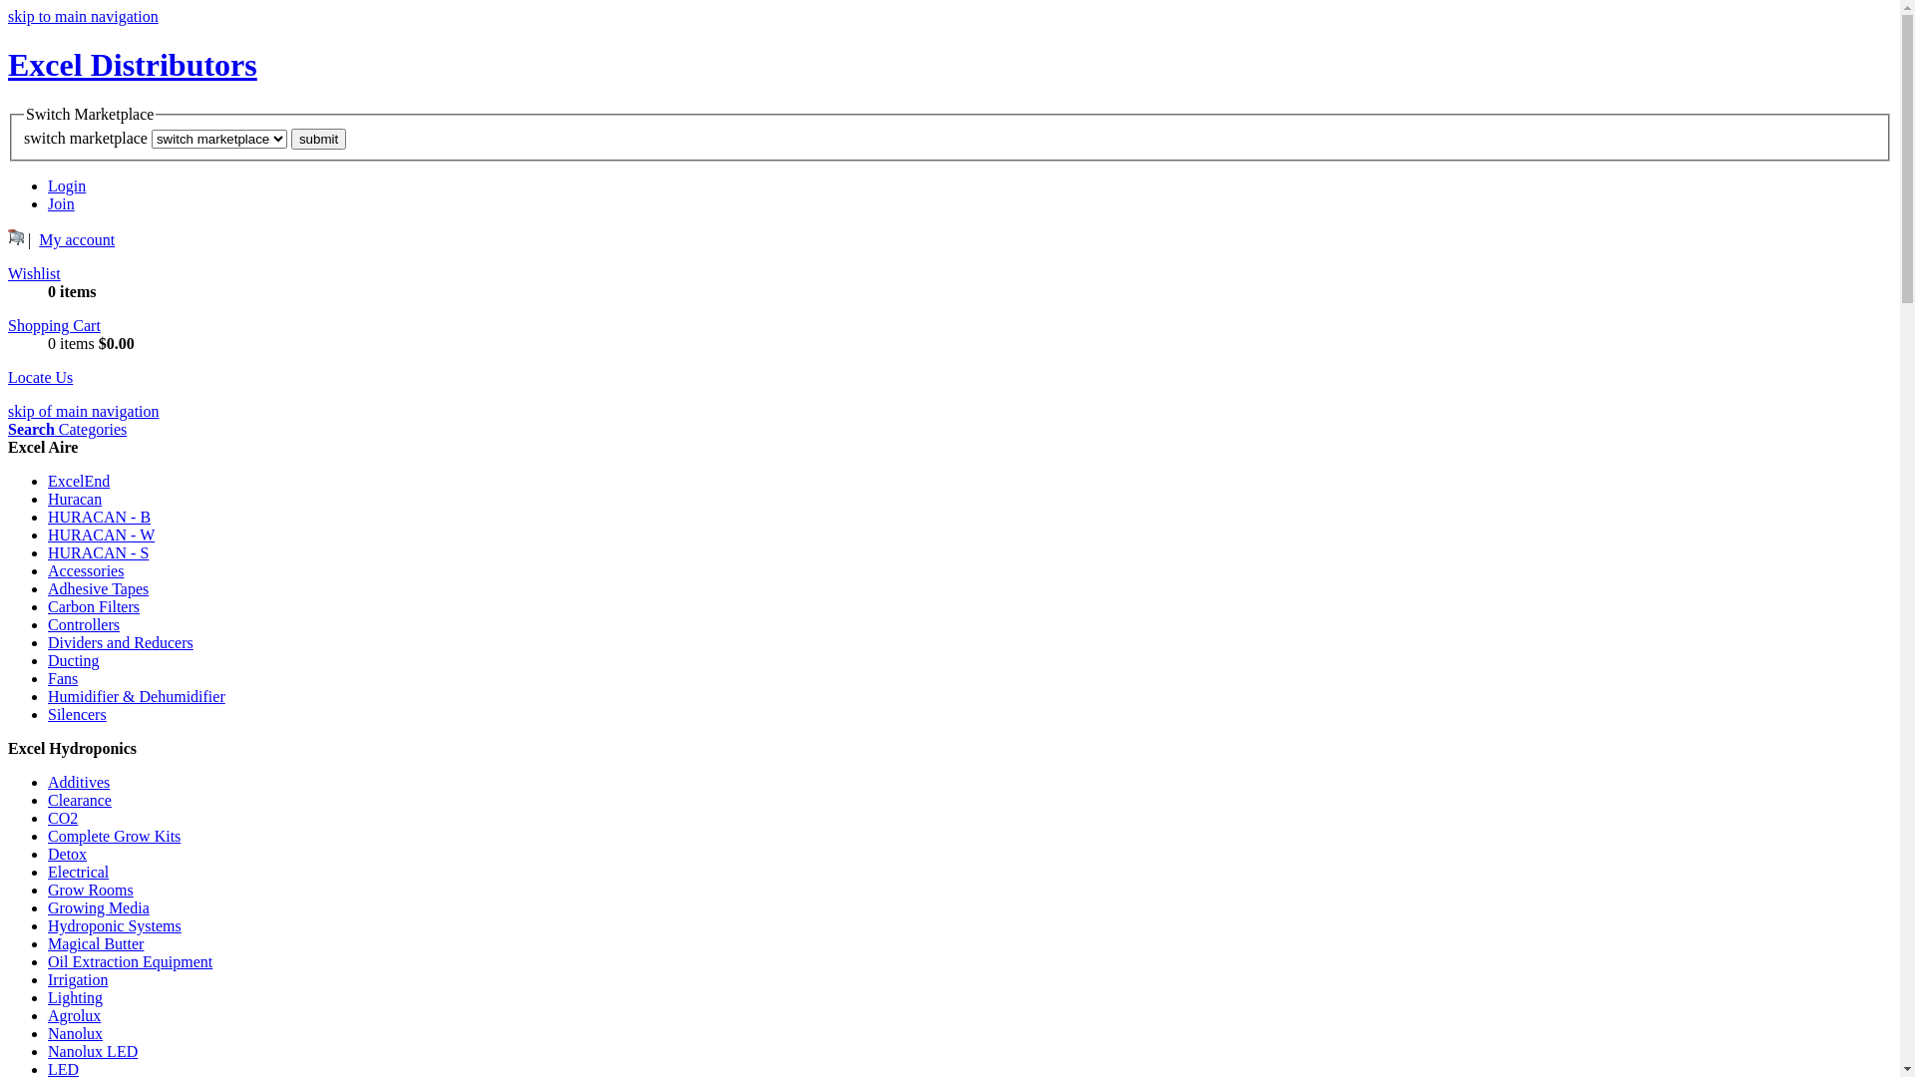 The image size is (1915, 1077). What do you see at coordinates (93, 605) in the screenshot?
I see `'Carbon Filters'` at bounding box center [93, 605].